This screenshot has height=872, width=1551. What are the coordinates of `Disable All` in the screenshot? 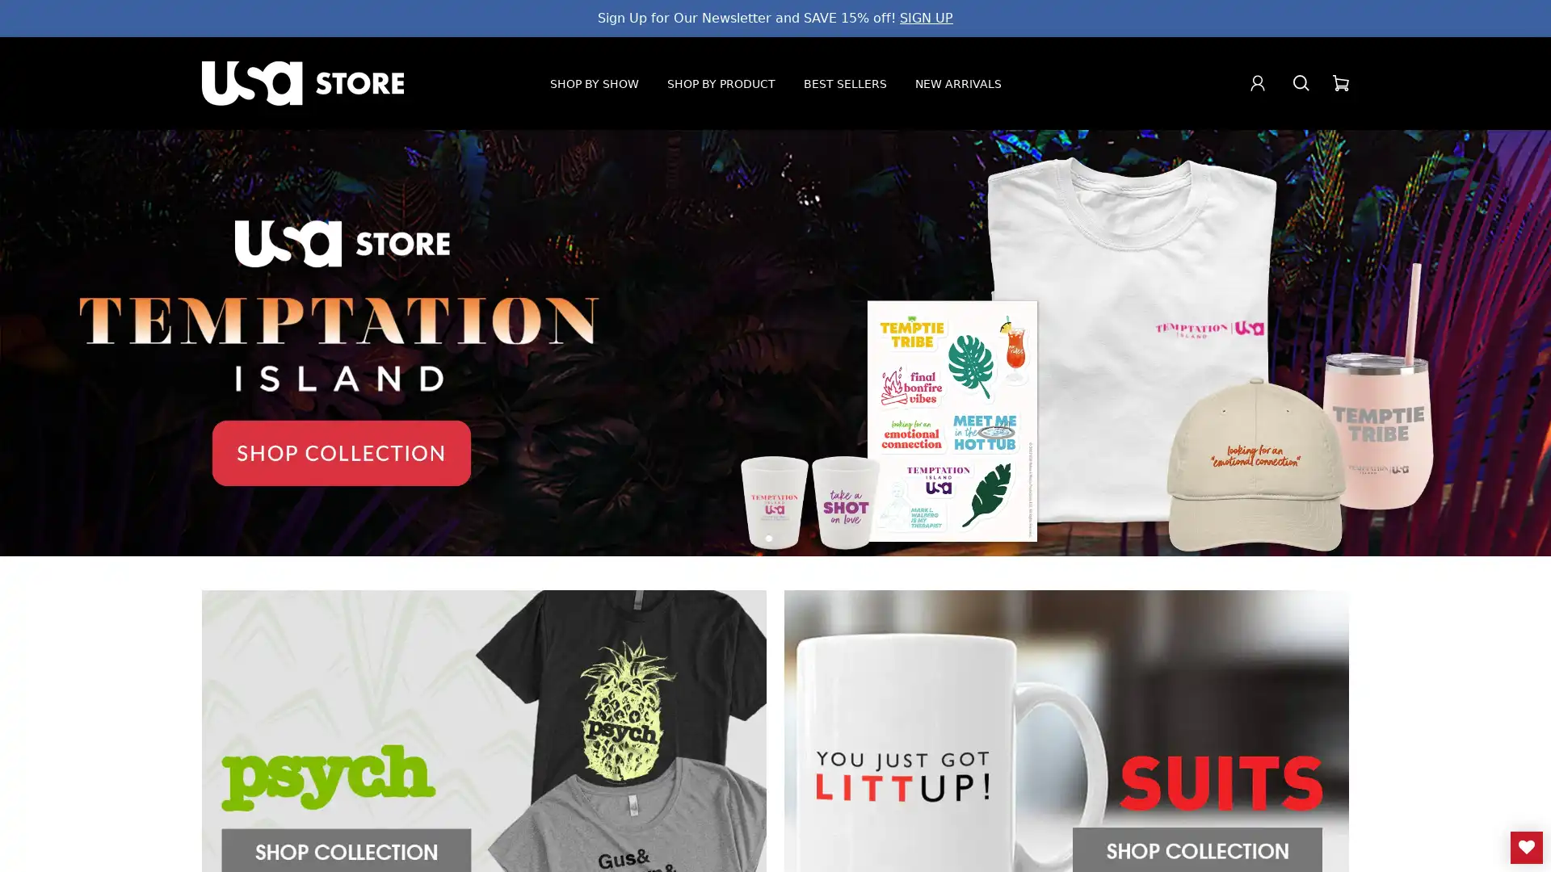 It's located at (1243, 843).